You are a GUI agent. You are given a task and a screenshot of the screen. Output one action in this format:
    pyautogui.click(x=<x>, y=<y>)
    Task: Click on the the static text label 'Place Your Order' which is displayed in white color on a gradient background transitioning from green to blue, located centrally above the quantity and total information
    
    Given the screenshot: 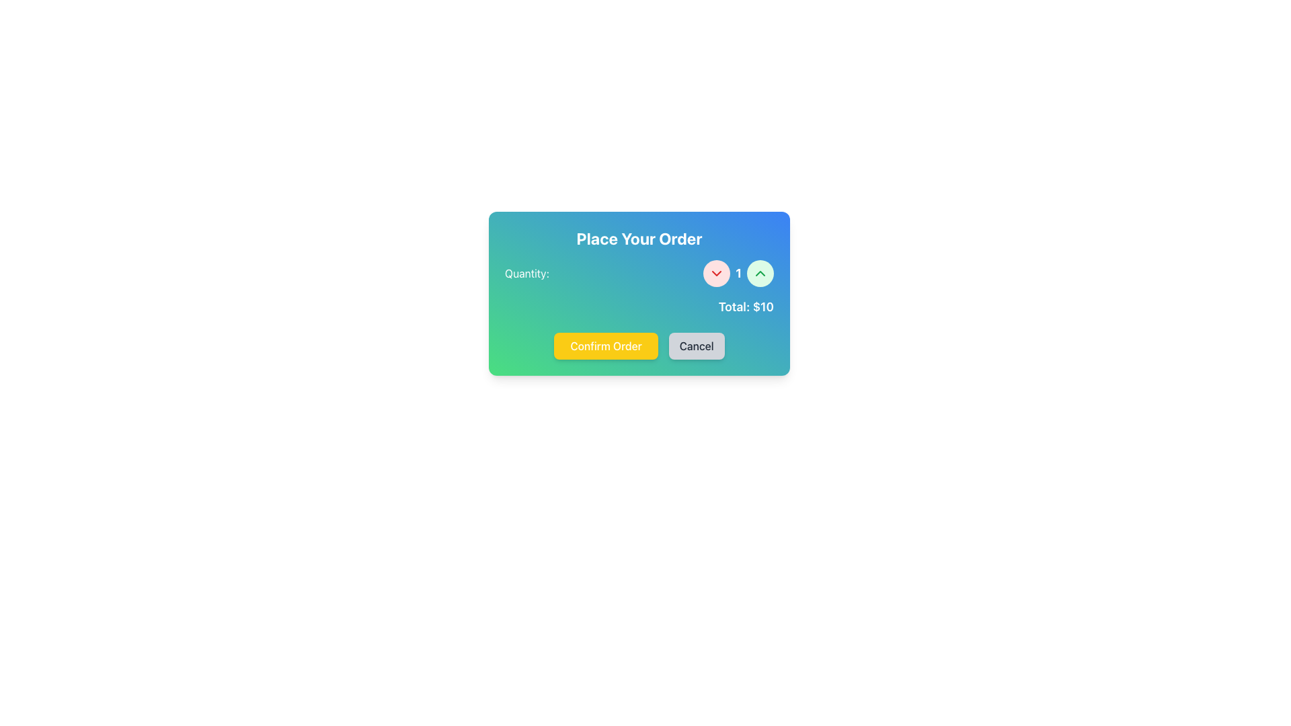 What is the action you would take?
    pyautogui.click(x=638, y=237)
    